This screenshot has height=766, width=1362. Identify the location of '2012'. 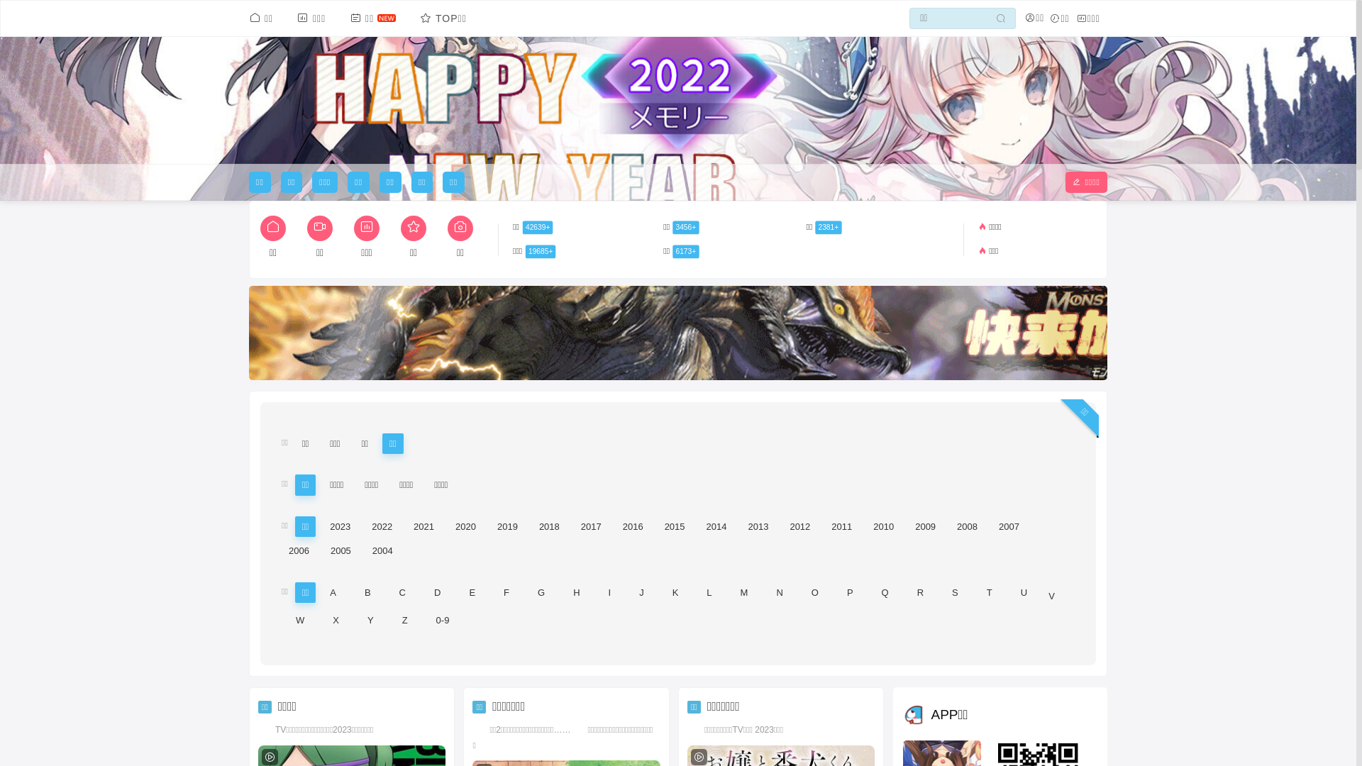
(799, 526).